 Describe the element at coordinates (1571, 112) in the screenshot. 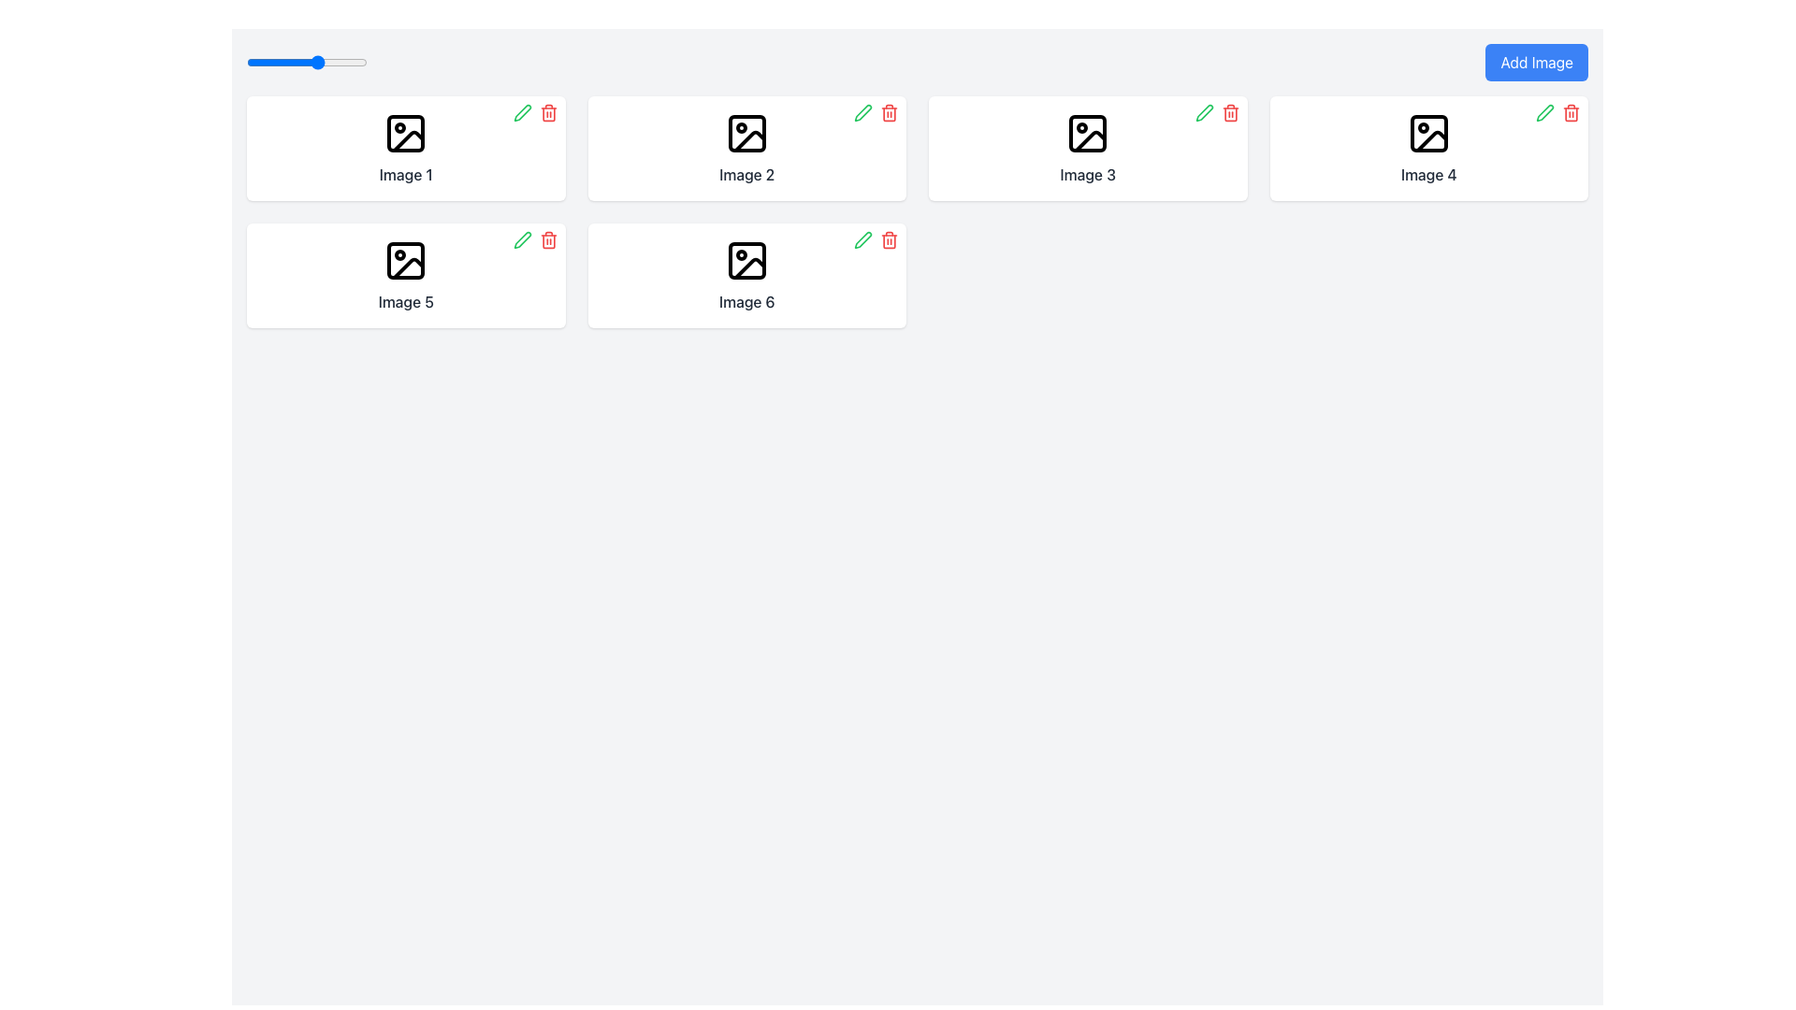

I see `the trash icon located in the upper-right corner of the image card` at that location.